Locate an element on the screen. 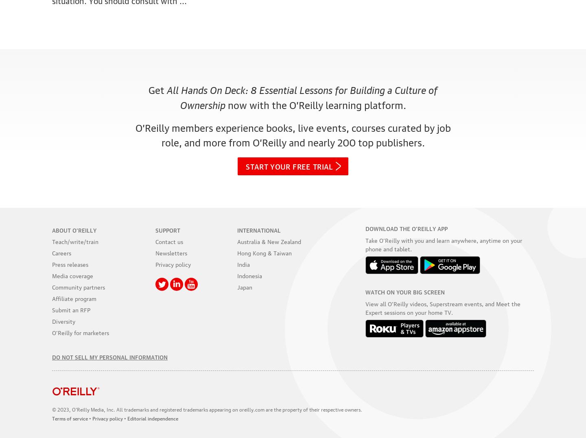 This screenshot has width=586, height=438. 'Indonesia' is located at coordinates (237, 275).